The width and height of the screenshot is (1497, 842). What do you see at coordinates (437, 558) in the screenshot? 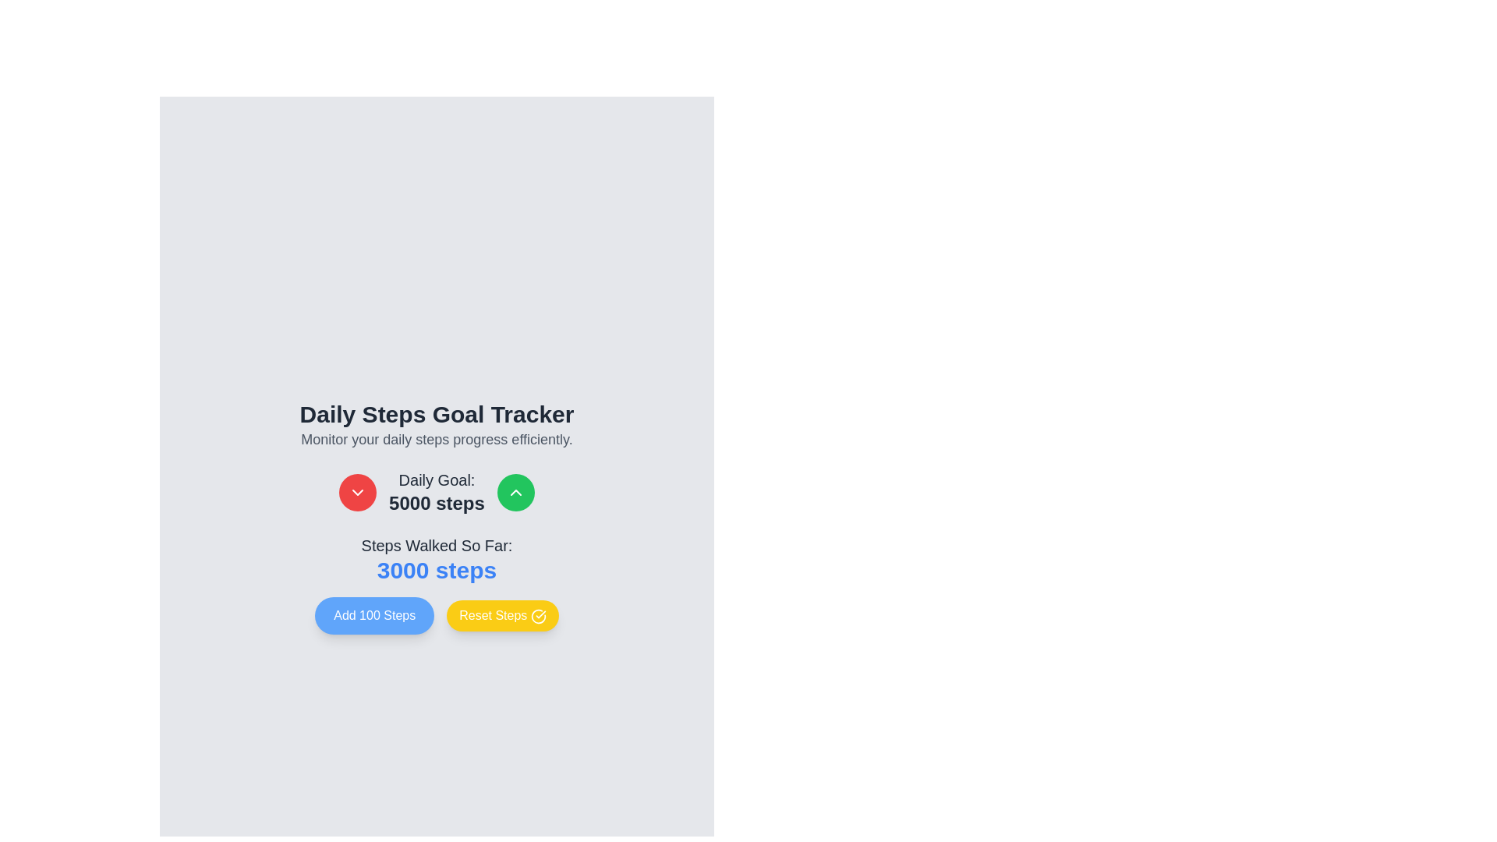
I see `the Text display showing 'Steps Walked So Far:' and '3000 steps', which is located centrally under 'Daily Goal: 5000 steps'` at bounding box center [437, 558].